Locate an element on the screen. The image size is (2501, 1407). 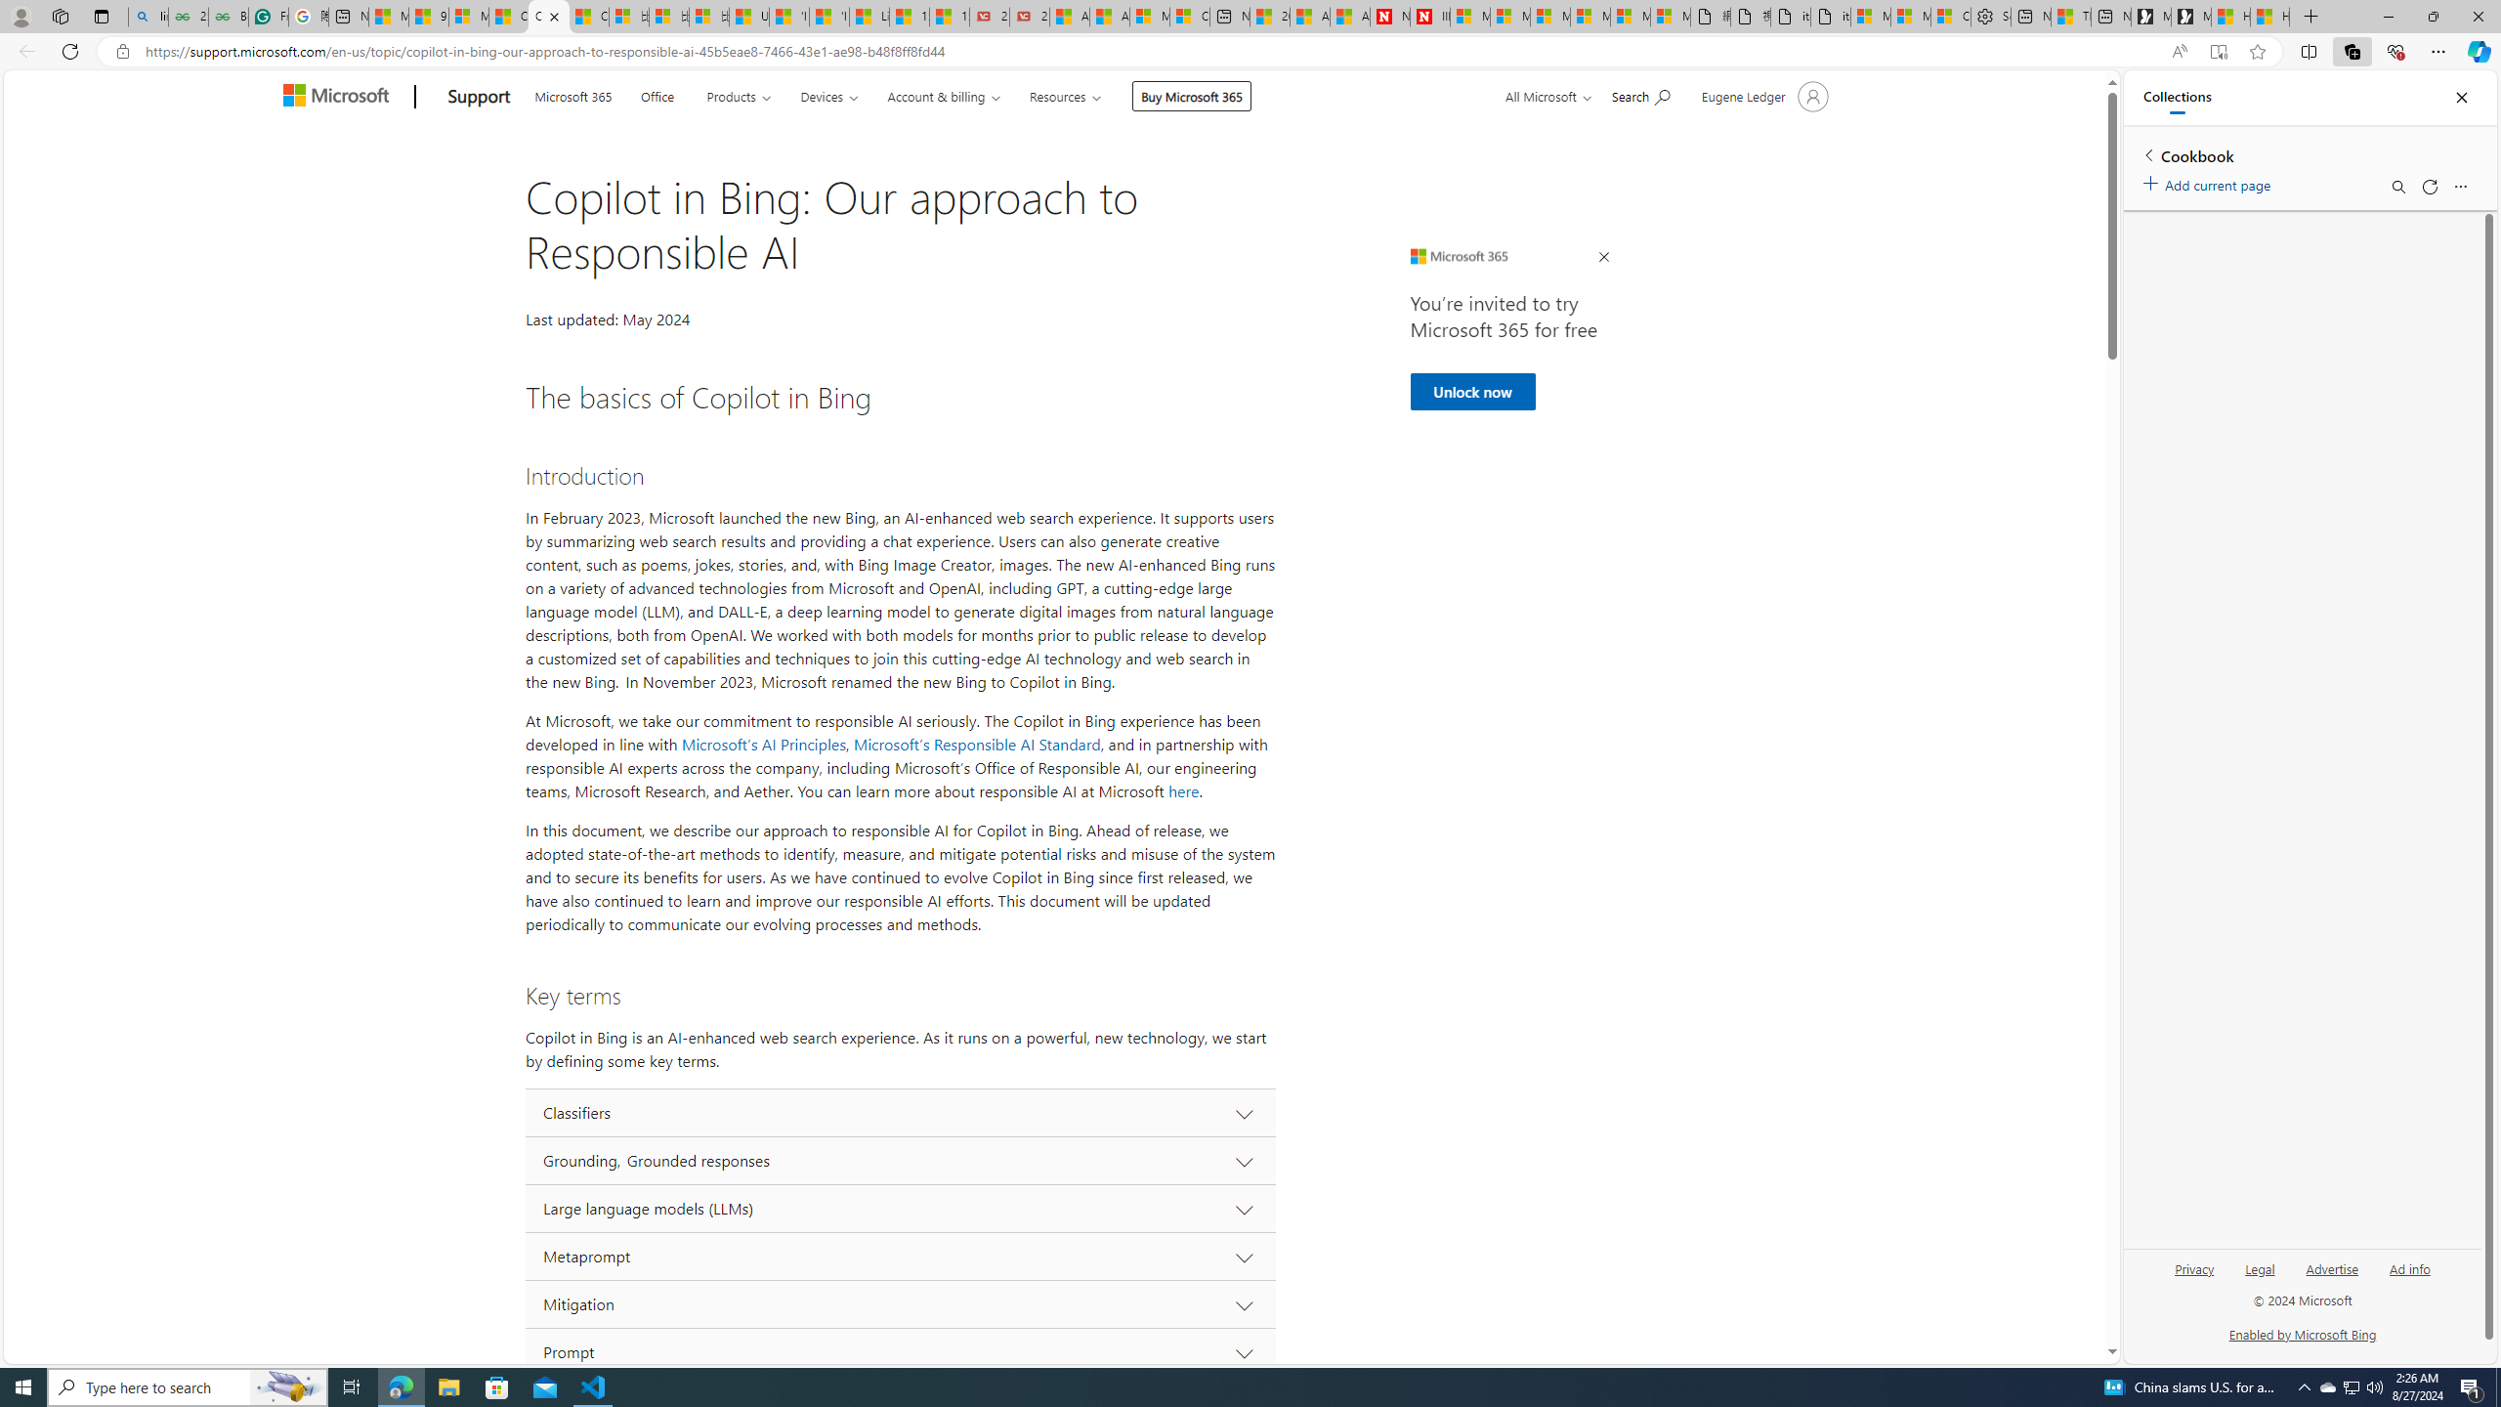
'Lifestyle - MSN' is located at coordinates (868, 16).